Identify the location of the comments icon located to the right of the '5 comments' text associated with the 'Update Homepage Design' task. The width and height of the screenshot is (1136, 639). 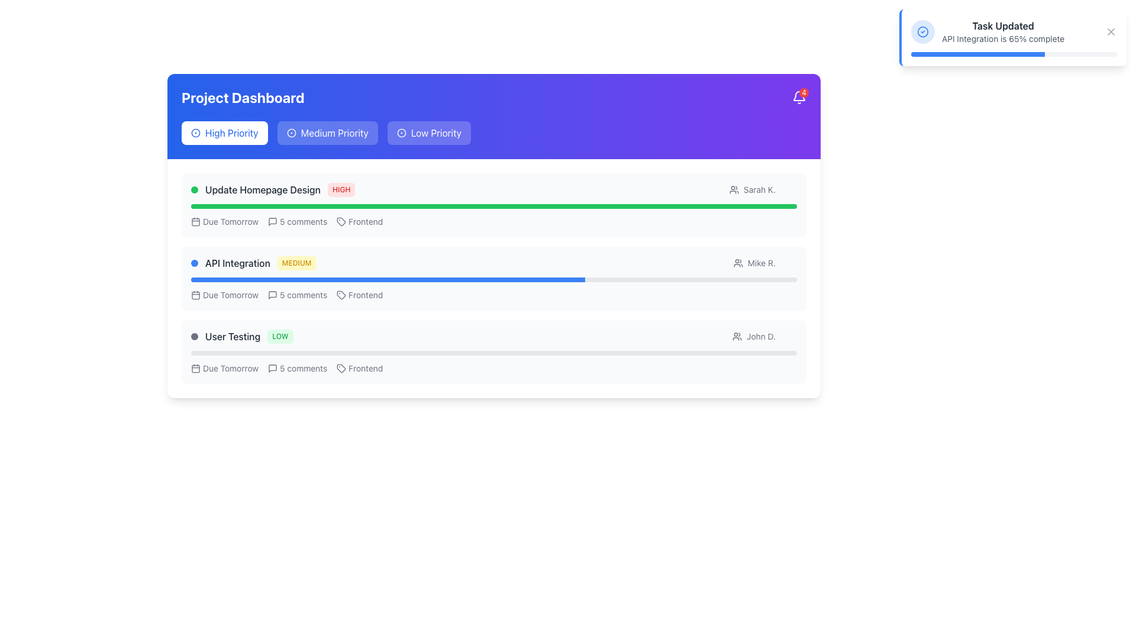
(272, 221).